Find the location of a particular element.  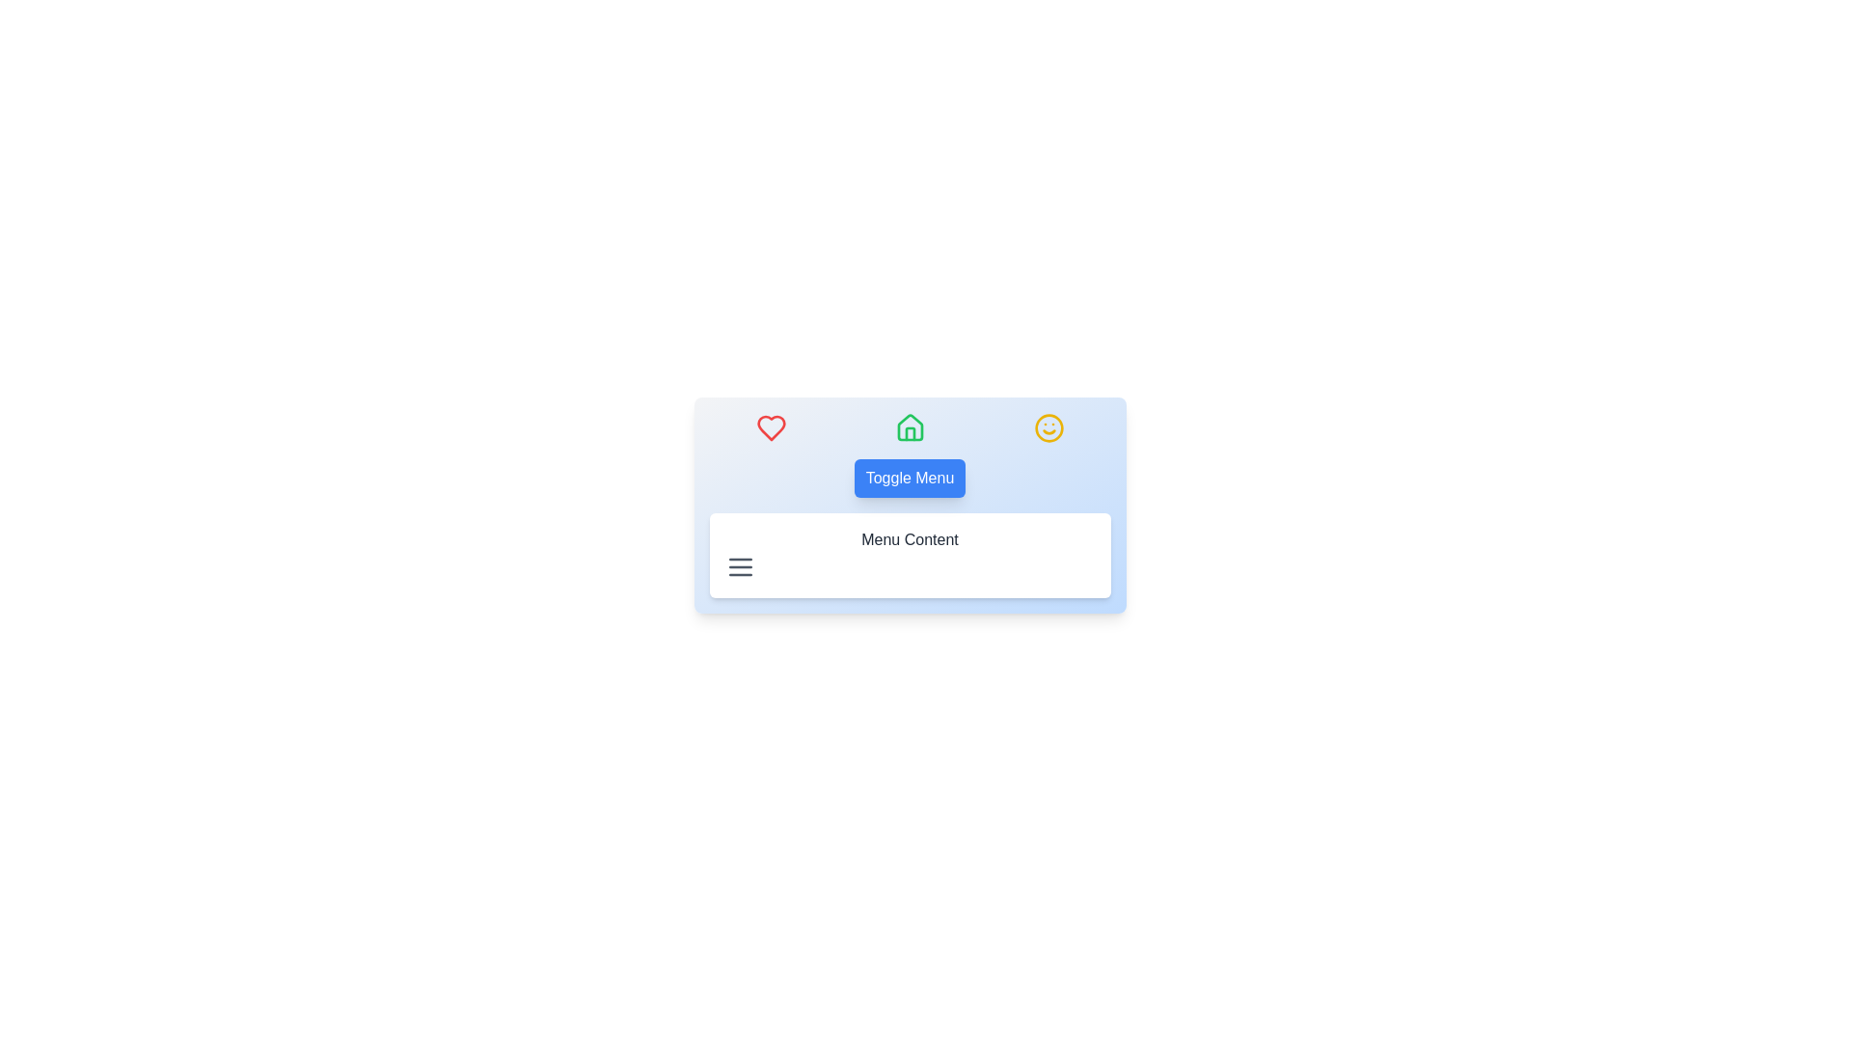

the heart icon located in the top-left corner of the navigation bar is located at coordinates (770, 426).